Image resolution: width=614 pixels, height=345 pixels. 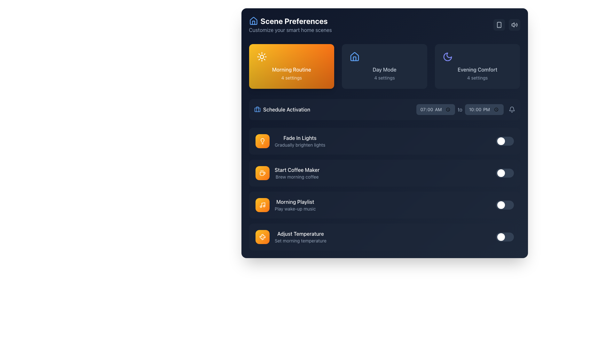 What do you see at coordinates (300, 234) in the screenshot?
I see `the text label displaying 'Adjust Temperature' which is located beneath the 'Schedule Activation' section, specifically as the main label of the fourth item in the list of control options` at bounding box center [300, 234].